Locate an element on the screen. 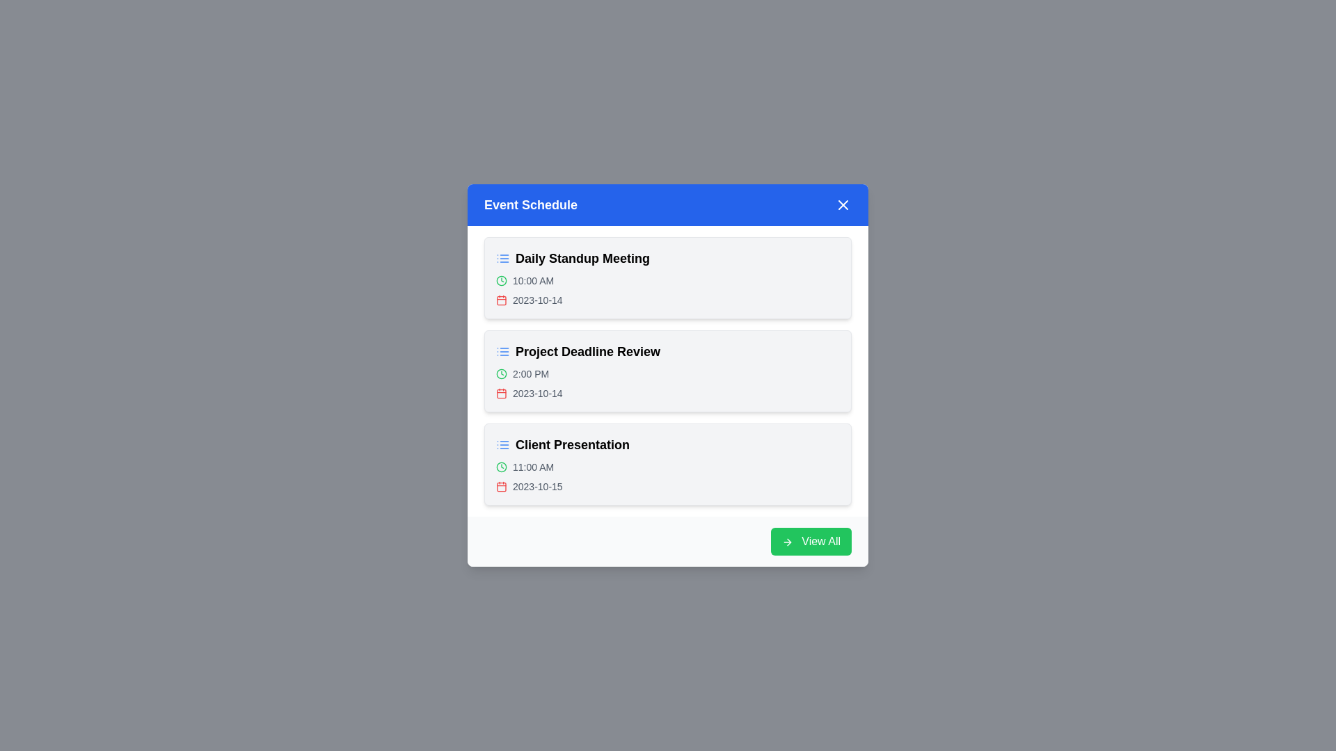 This screenshot has width=1336, height=751. the button located at the bottom-right corner of the 'Event Schedule' card is located at coordinates (668, 541).